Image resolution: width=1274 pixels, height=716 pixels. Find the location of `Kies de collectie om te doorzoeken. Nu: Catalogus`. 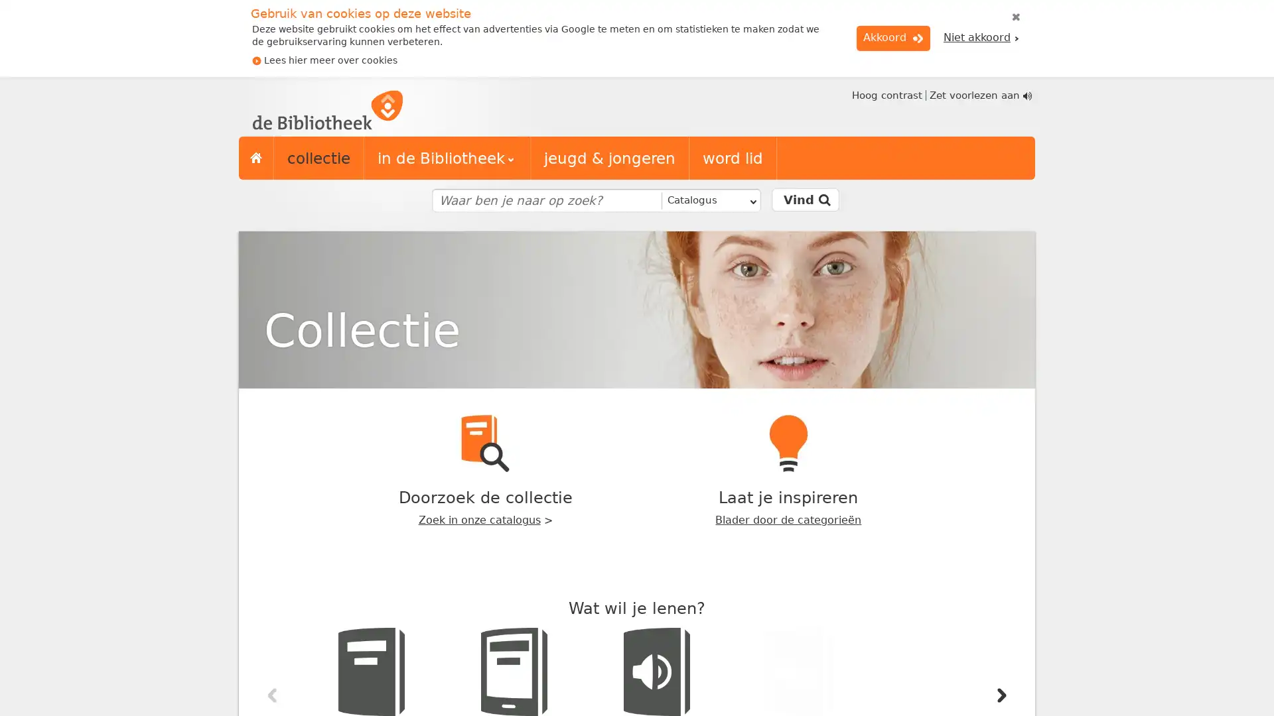

Kies de collectie om te doorzoeken. Nu: Catalogus is located at coordinates (709, 200).